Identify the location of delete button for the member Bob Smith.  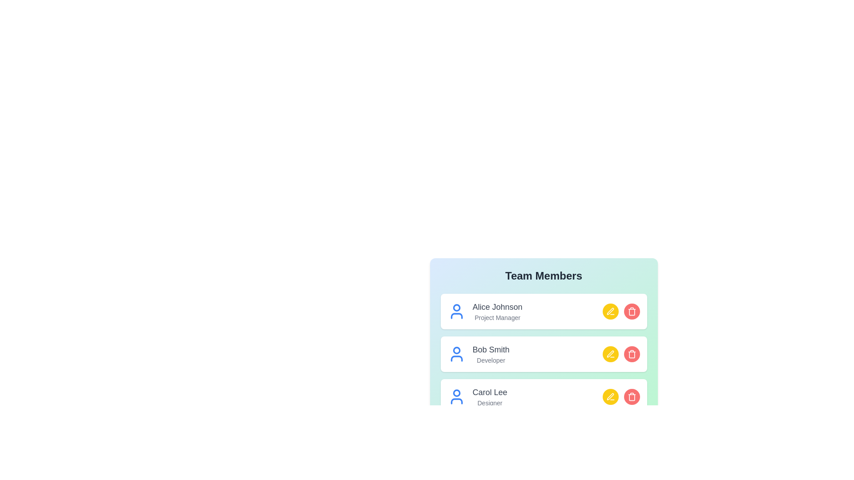
(631, 354).